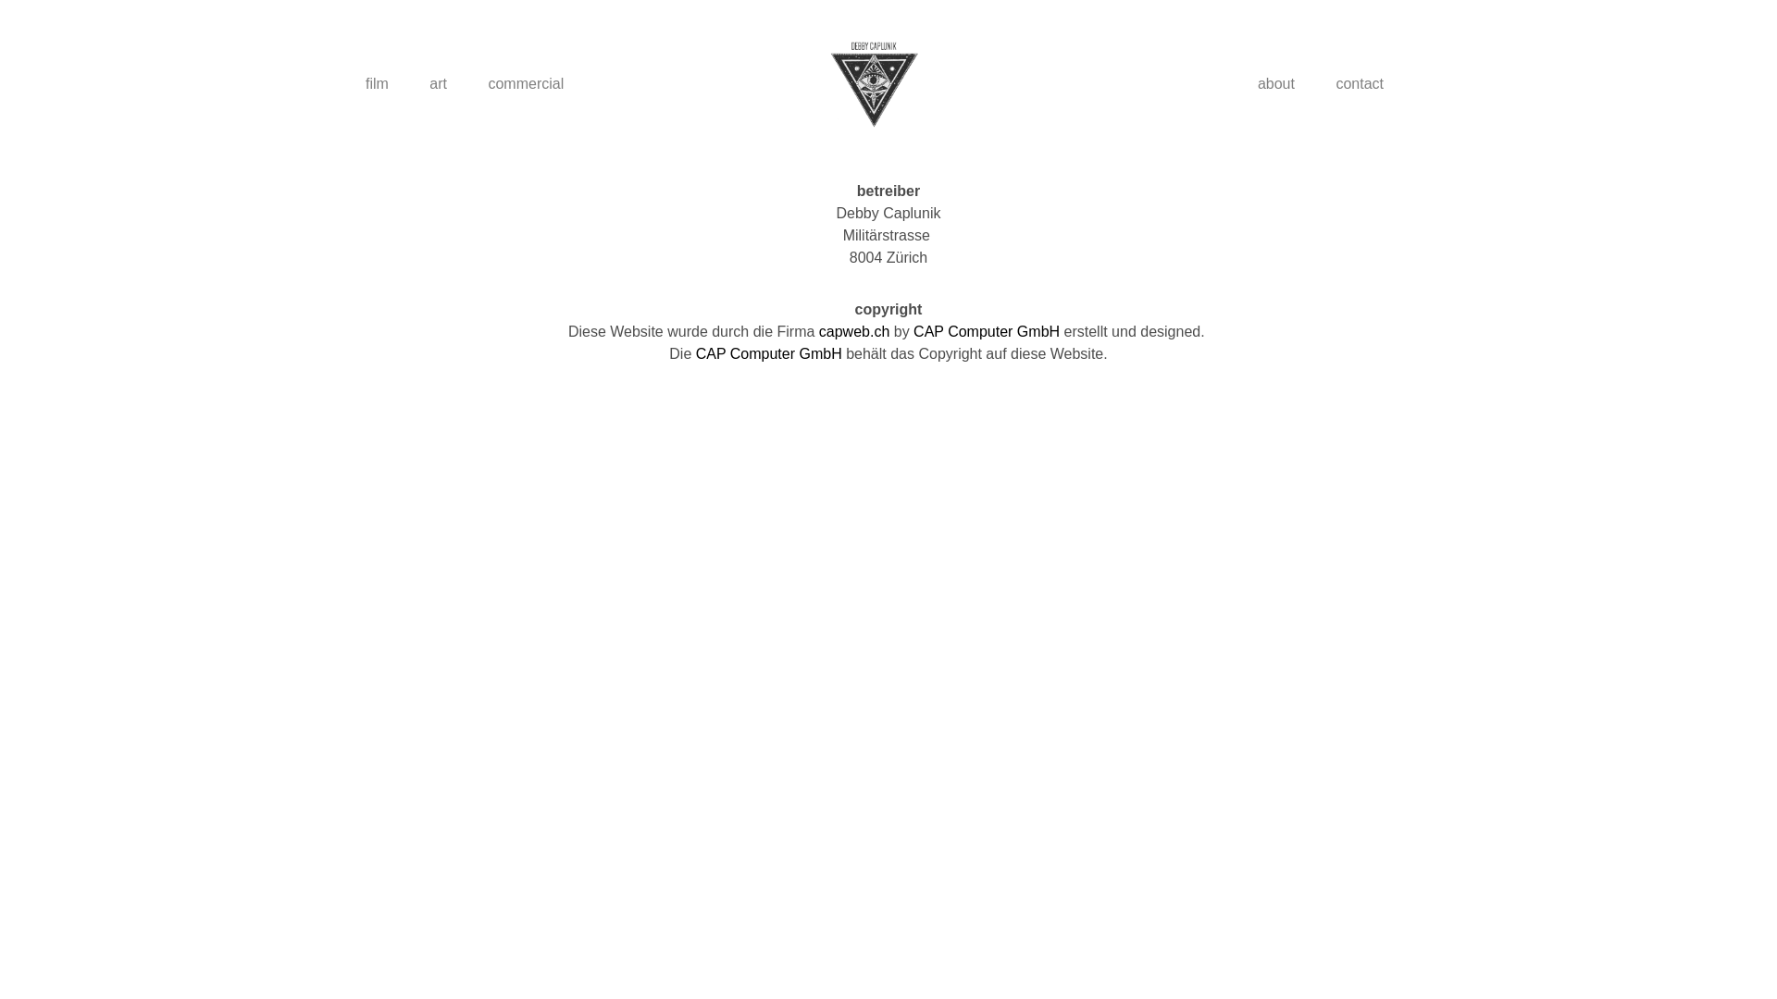 The width and height of the screenshot is (1777, 999). Describe the element at coordinates (1359, 84) in the screenshot. I see `'contact'` at that location.